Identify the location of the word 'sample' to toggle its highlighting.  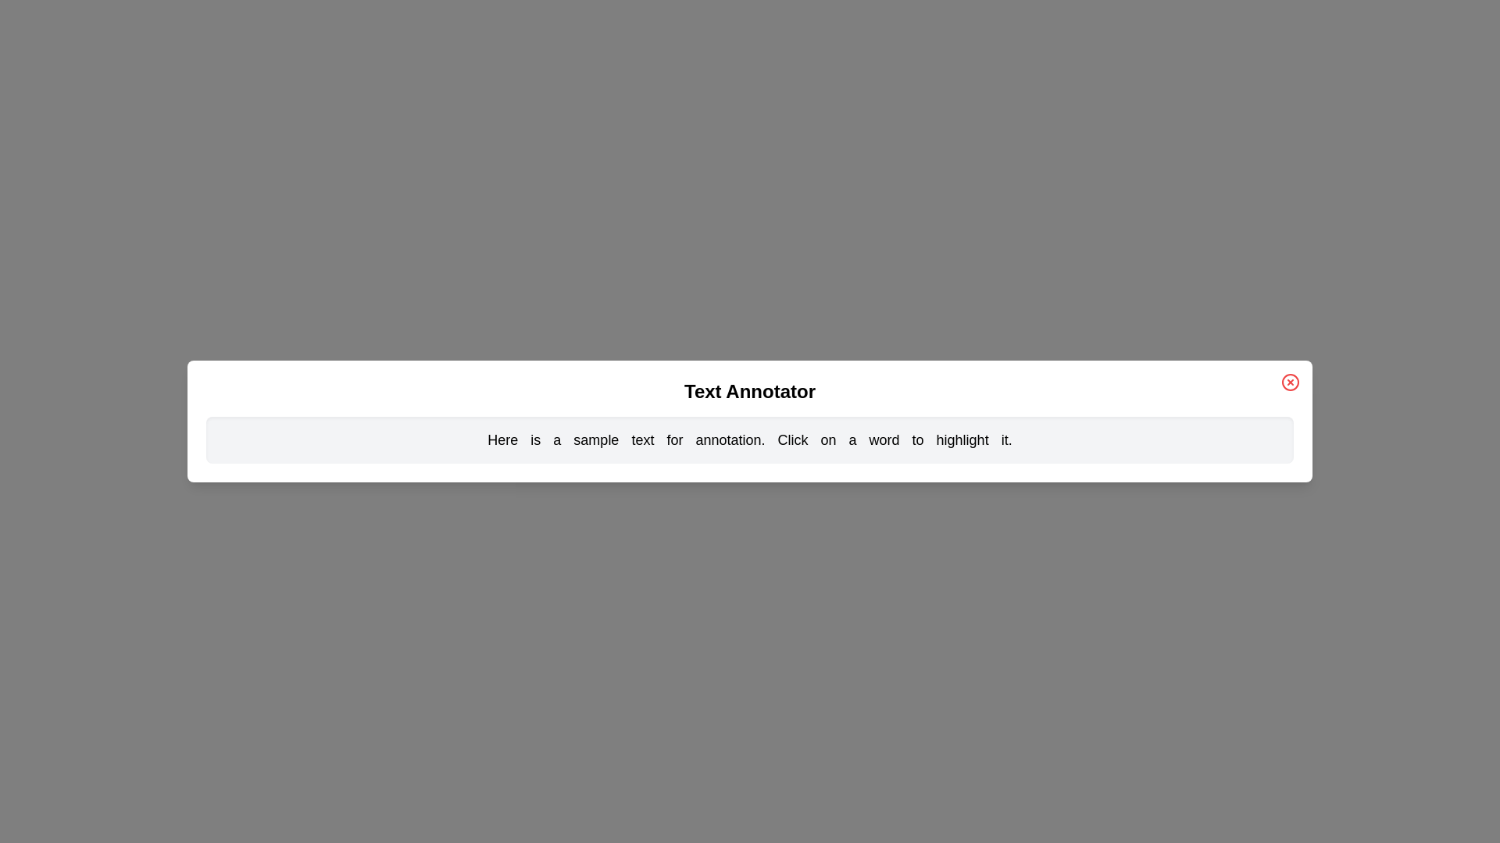
(595, 439).